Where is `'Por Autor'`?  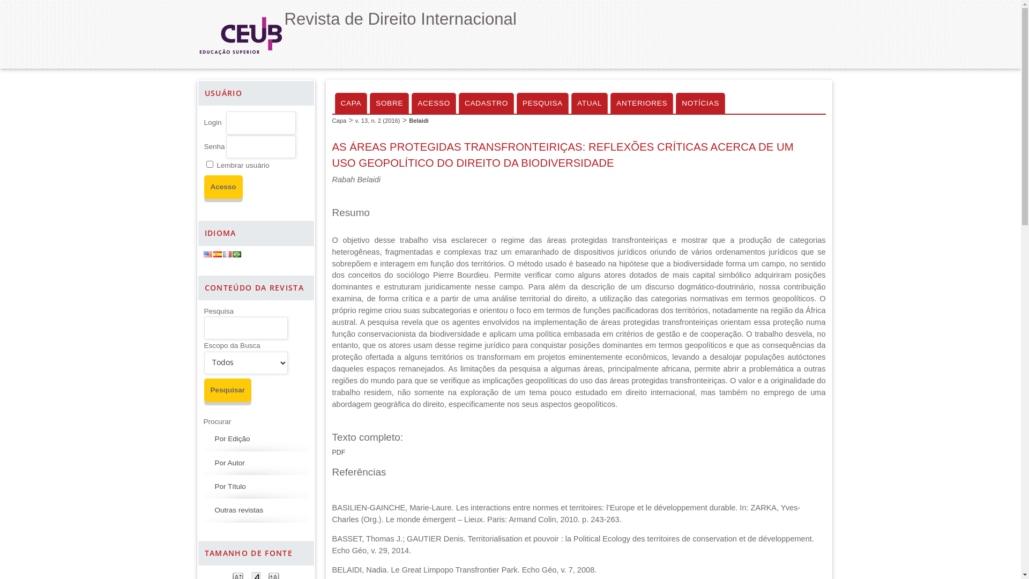
'Por Autor' is located at coordinates (228, 462).